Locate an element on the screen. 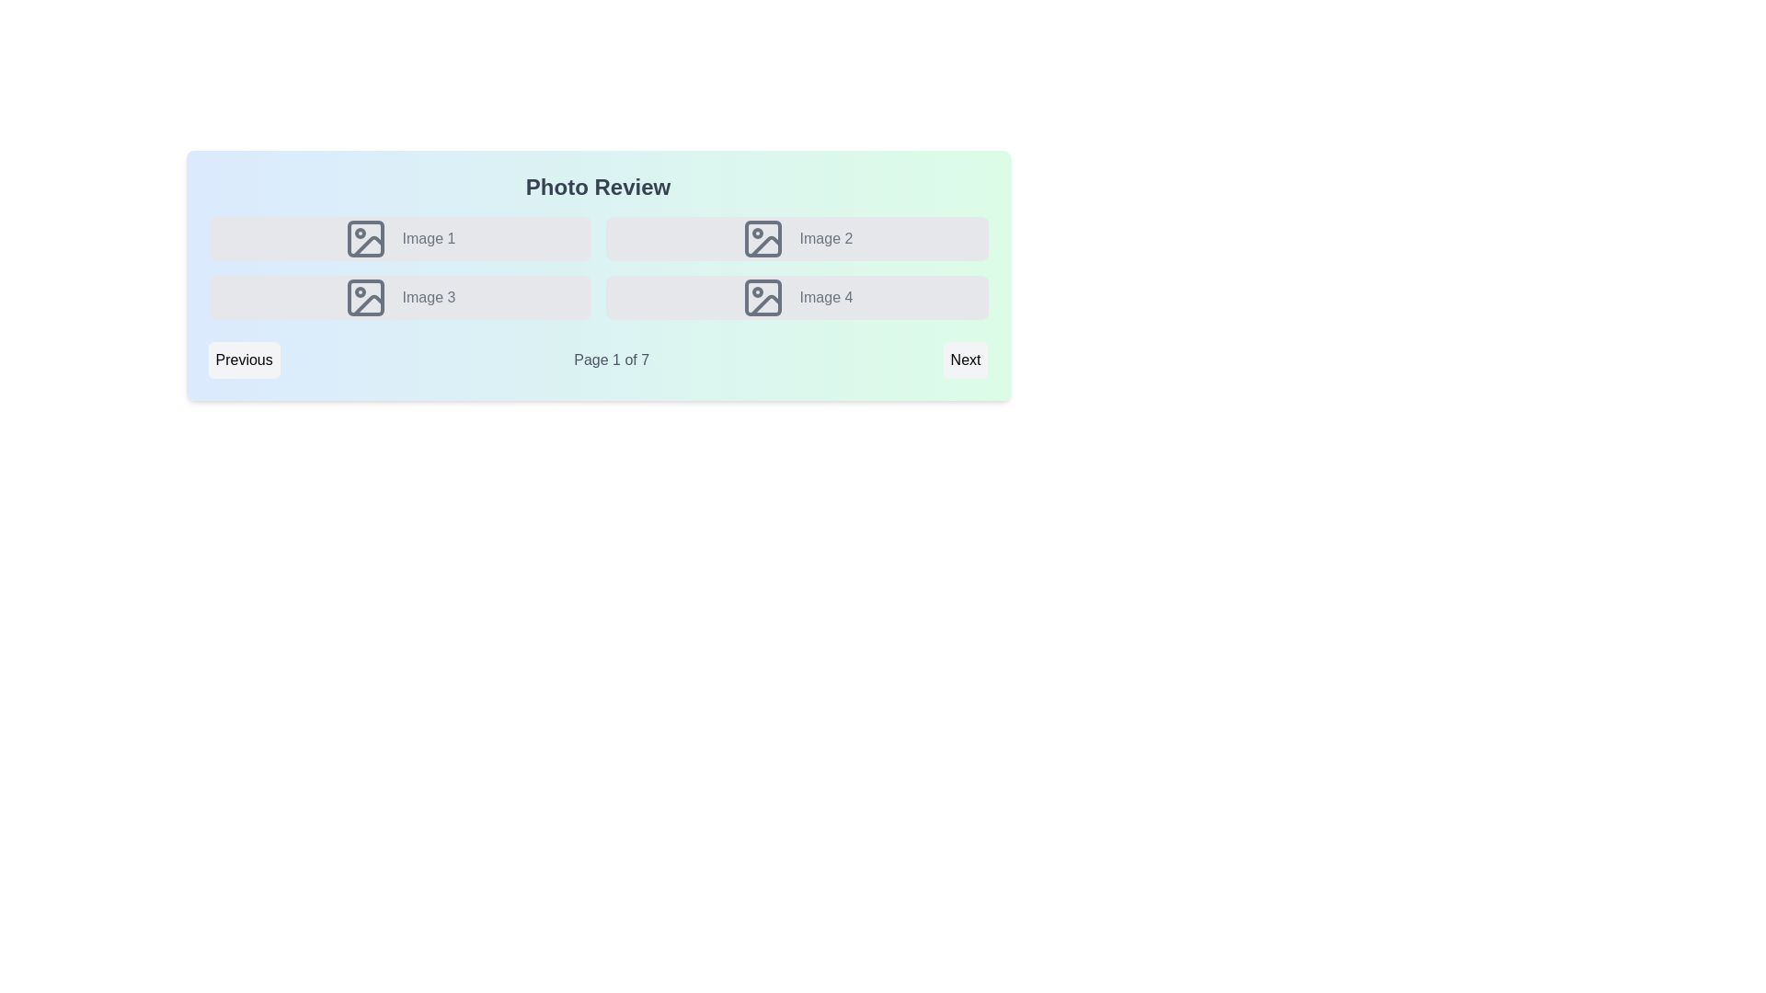  the text label that serves as a descriptor for the associated image, located to the right of the icon element representing an image is located at coordinates (825, 237).